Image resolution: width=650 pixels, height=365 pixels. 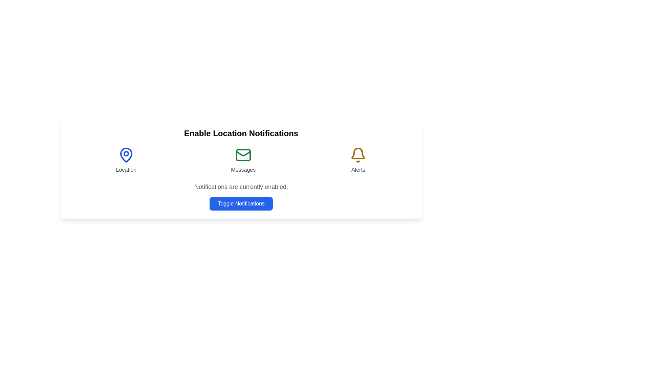 I want to click on the messaging icon located at the top-center of the 'Messages' section, which allows users, so click(x=243, y=155).